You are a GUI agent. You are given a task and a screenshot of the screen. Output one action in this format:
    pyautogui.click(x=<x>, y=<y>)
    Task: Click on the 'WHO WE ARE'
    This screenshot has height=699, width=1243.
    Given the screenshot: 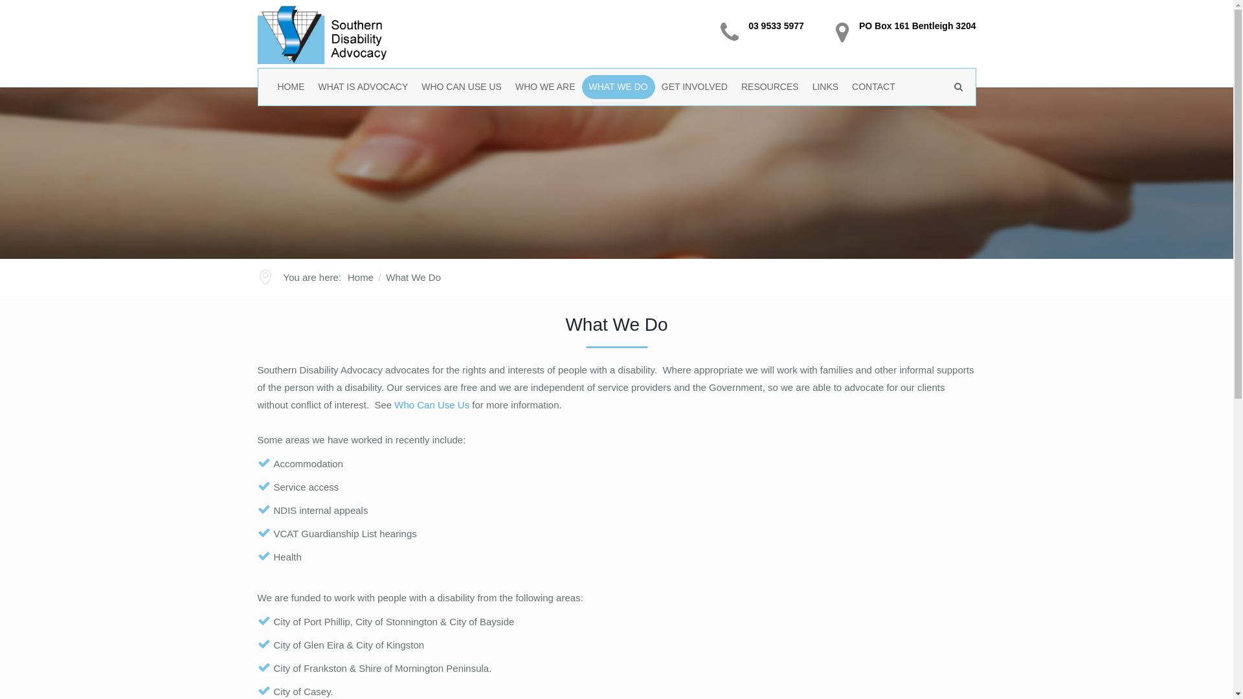 What is the action you would take?
    pyautogui.click(x=546, y=87)
    